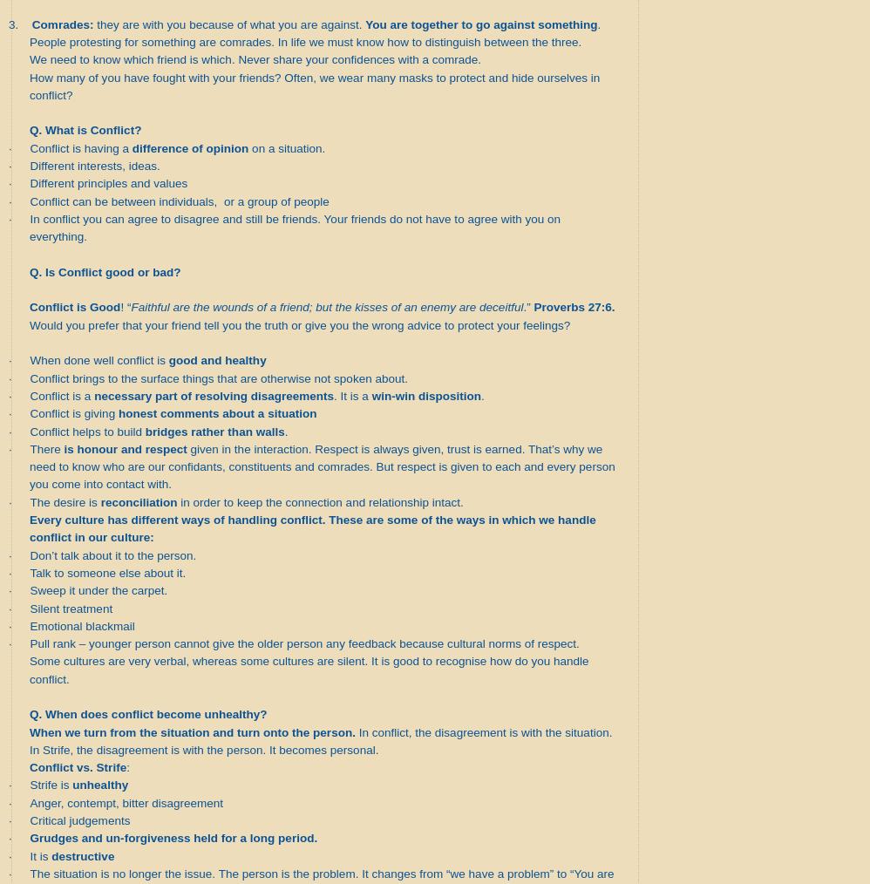 The height and width of the screenshot is (884, 870). What do you see at coordinates (64, 500) in the screenshot?
I see `'The desire is'` at bounding box center [64, 500].